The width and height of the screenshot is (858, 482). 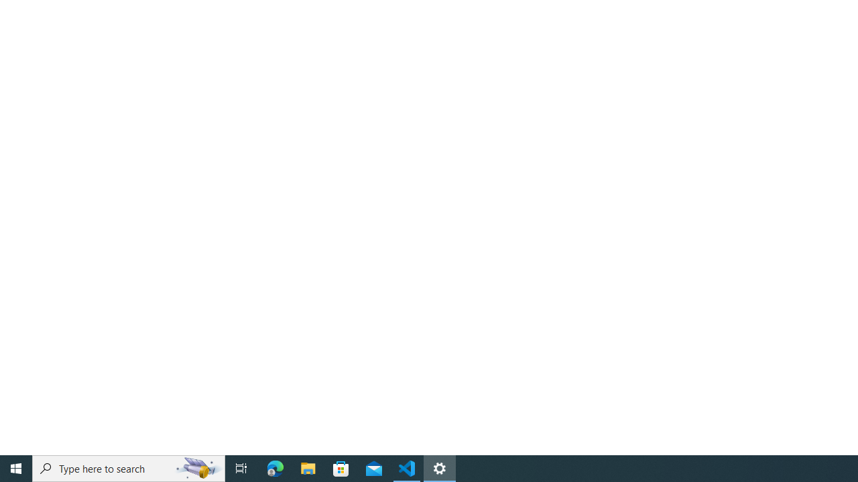 What do you see at coordinates (197, 467) in the screenshot?
I see `'Search highlights icon opens search home window'` at bounding box center [197, 467].